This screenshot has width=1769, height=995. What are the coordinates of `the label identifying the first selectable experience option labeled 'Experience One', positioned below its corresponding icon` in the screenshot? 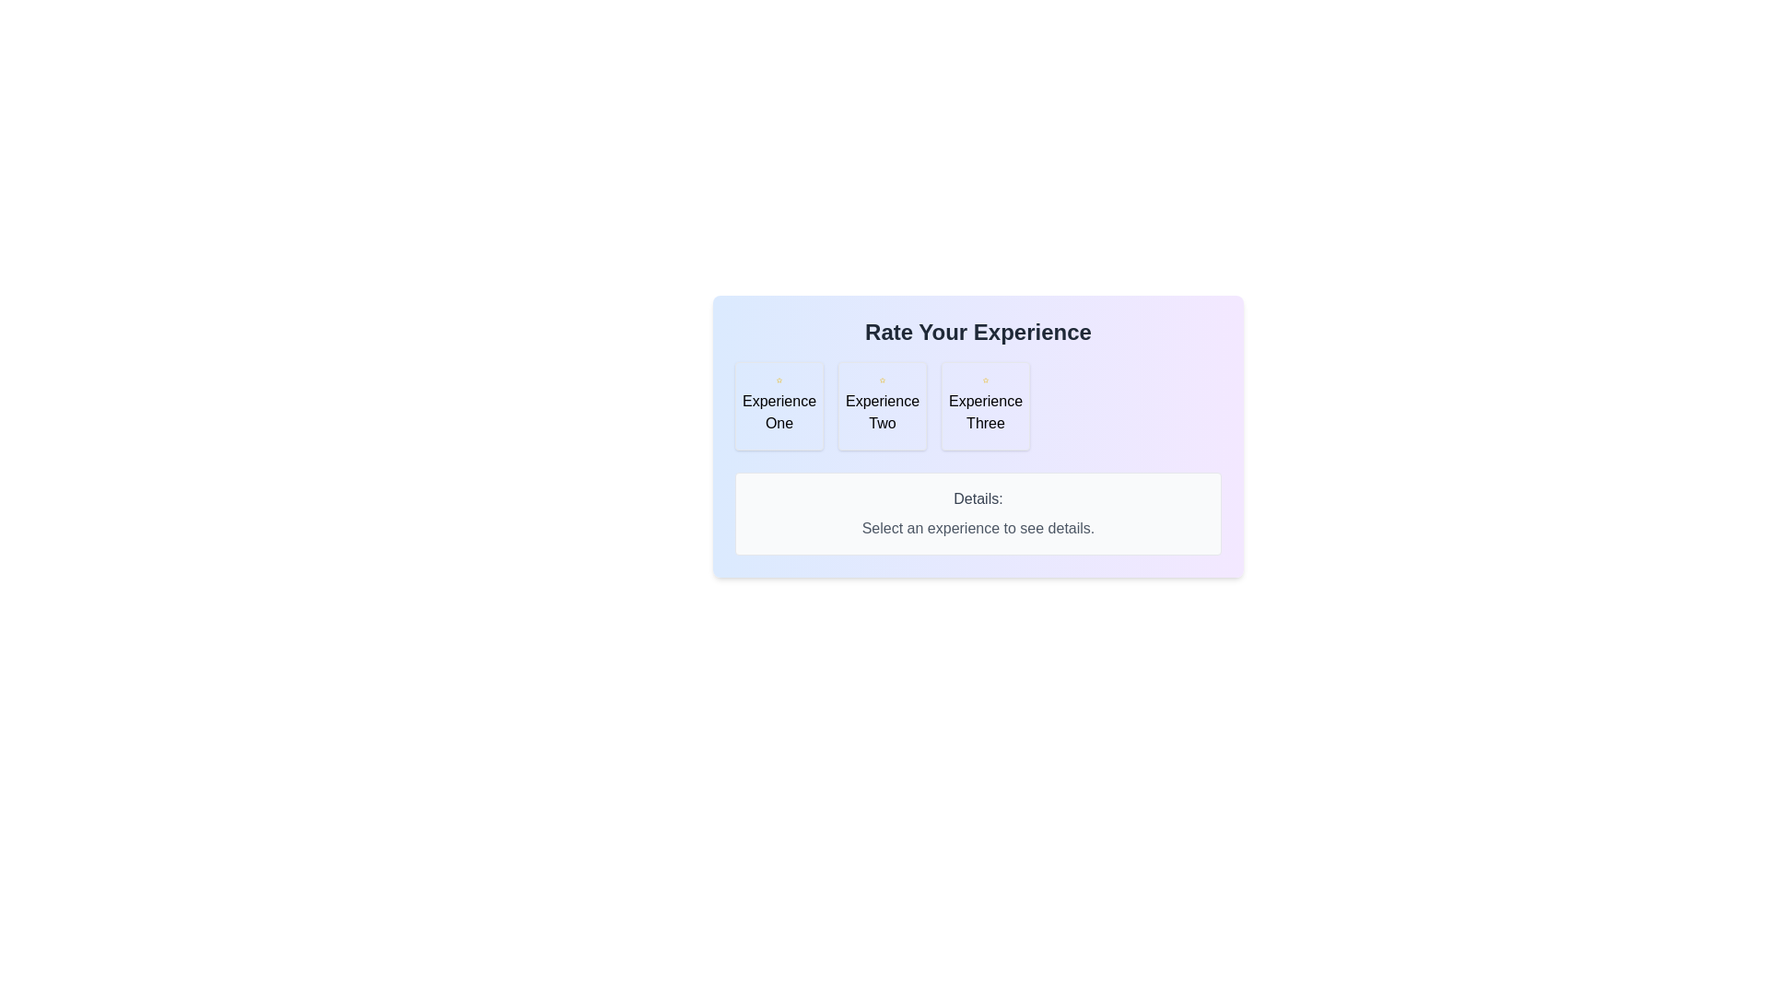 It's located at (779, 411).